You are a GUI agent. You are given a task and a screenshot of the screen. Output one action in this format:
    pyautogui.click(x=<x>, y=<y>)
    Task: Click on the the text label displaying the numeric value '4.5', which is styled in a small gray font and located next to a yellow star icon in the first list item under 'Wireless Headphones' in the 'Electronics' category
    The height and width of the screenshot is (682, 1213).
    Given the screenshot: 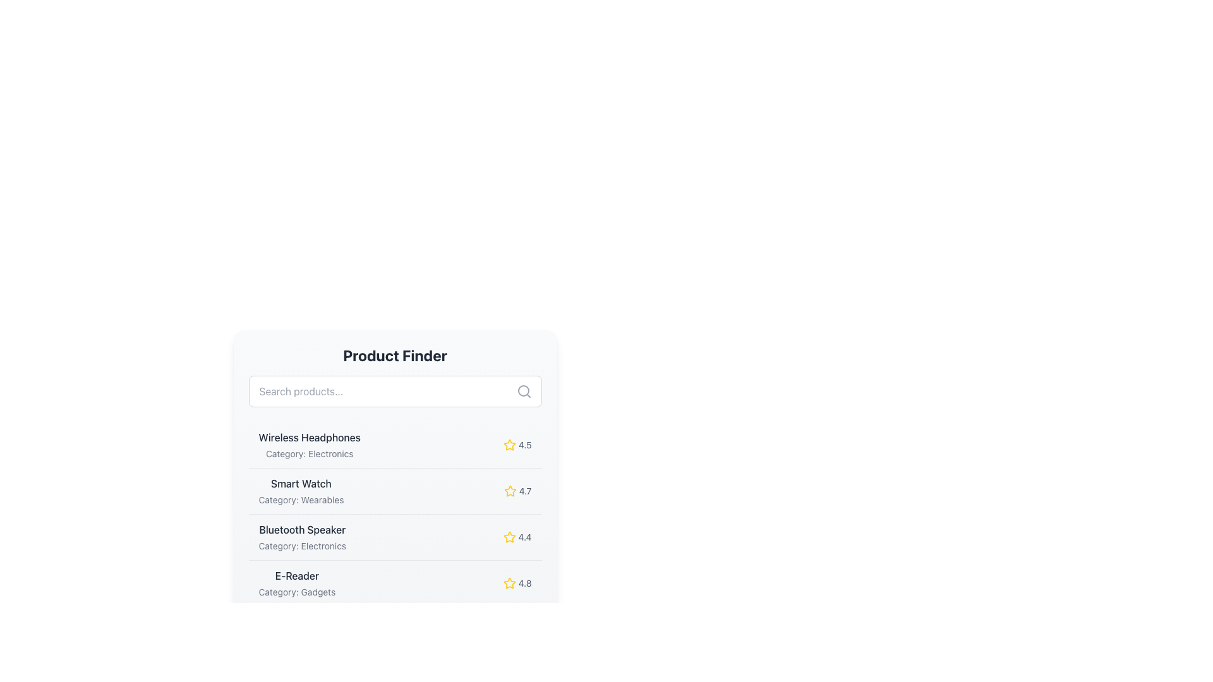 What is the action you would take?
    pyautogui.click(x=525, y=445)
    